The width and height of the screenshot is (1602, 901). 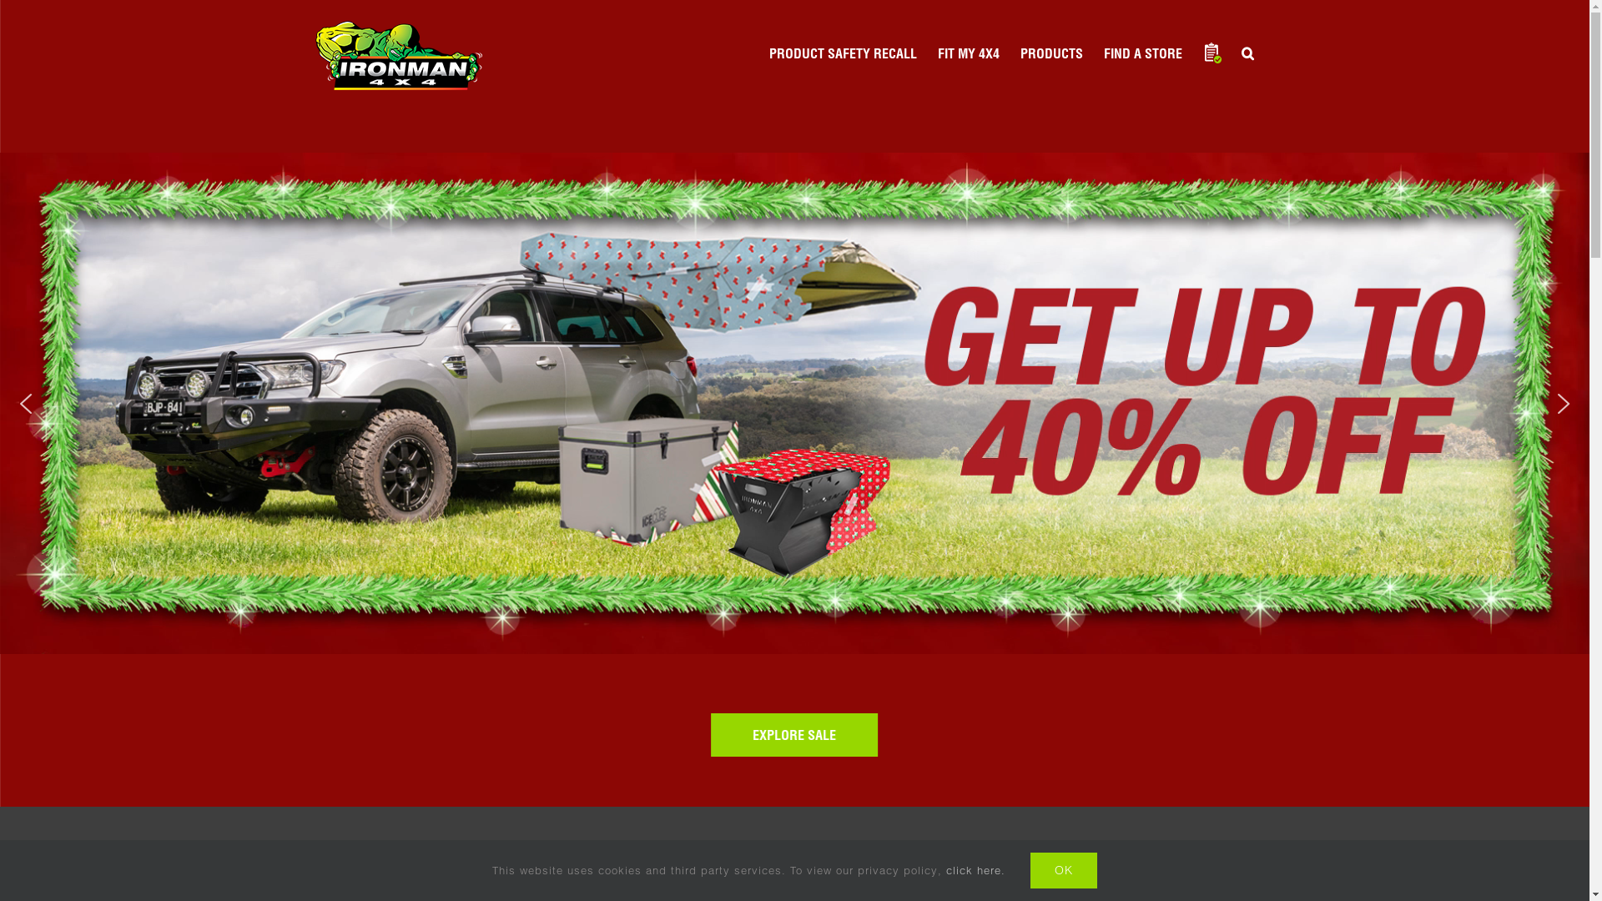 What do you see at coordinates (1050, 53) in the screenshot?
I see `'PRODUCTS'` at bounding box center [1050, 53].